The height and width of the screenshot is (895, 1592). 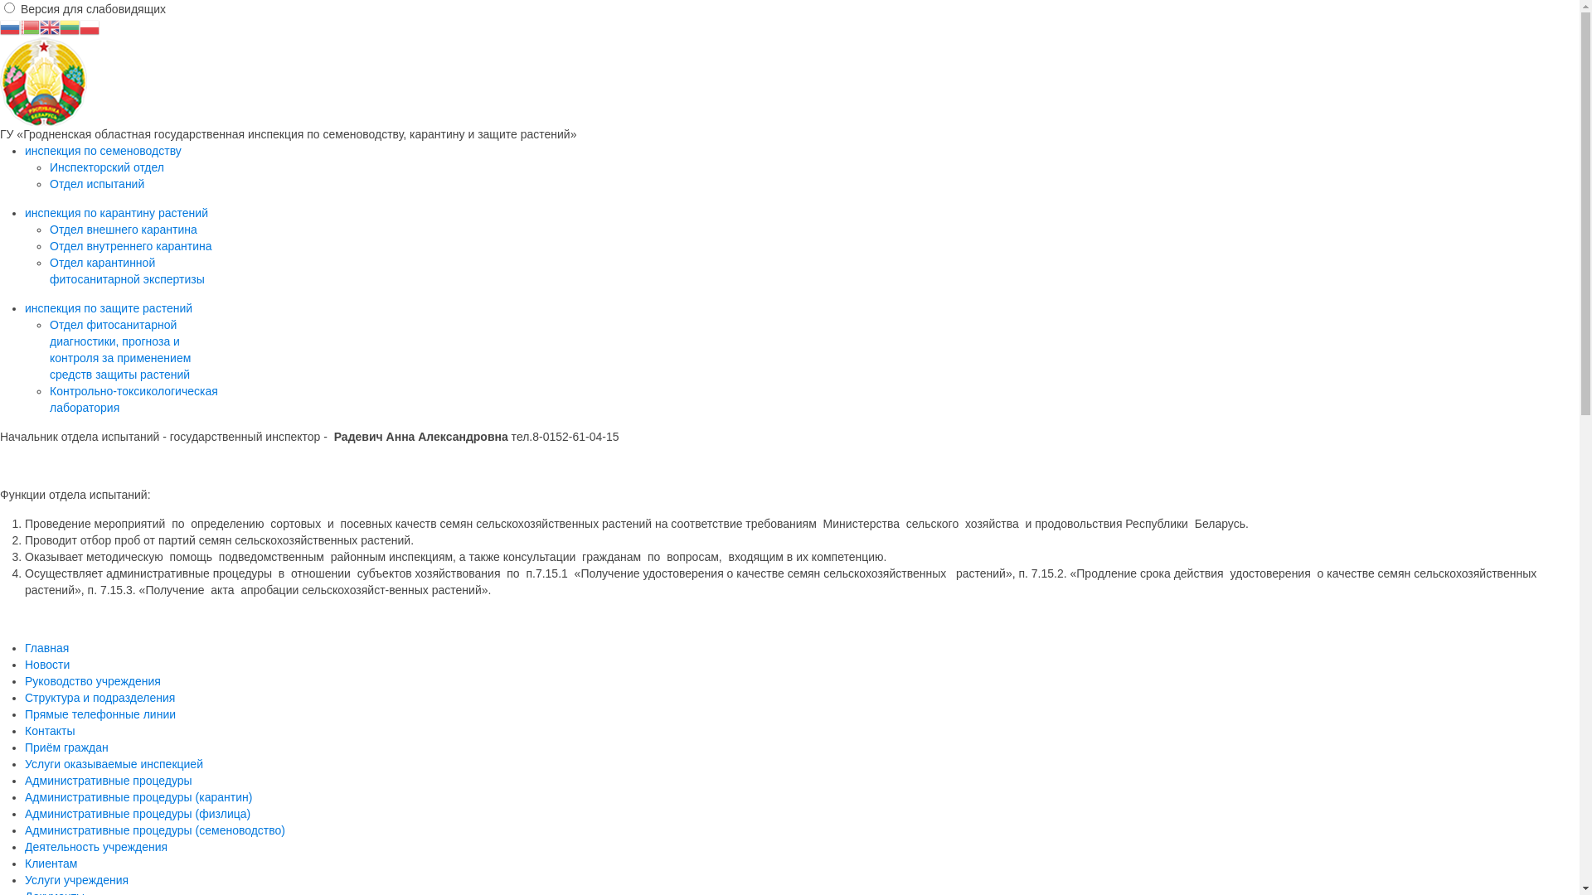 I want to click on 'Russian', so click(x=10, y=26).